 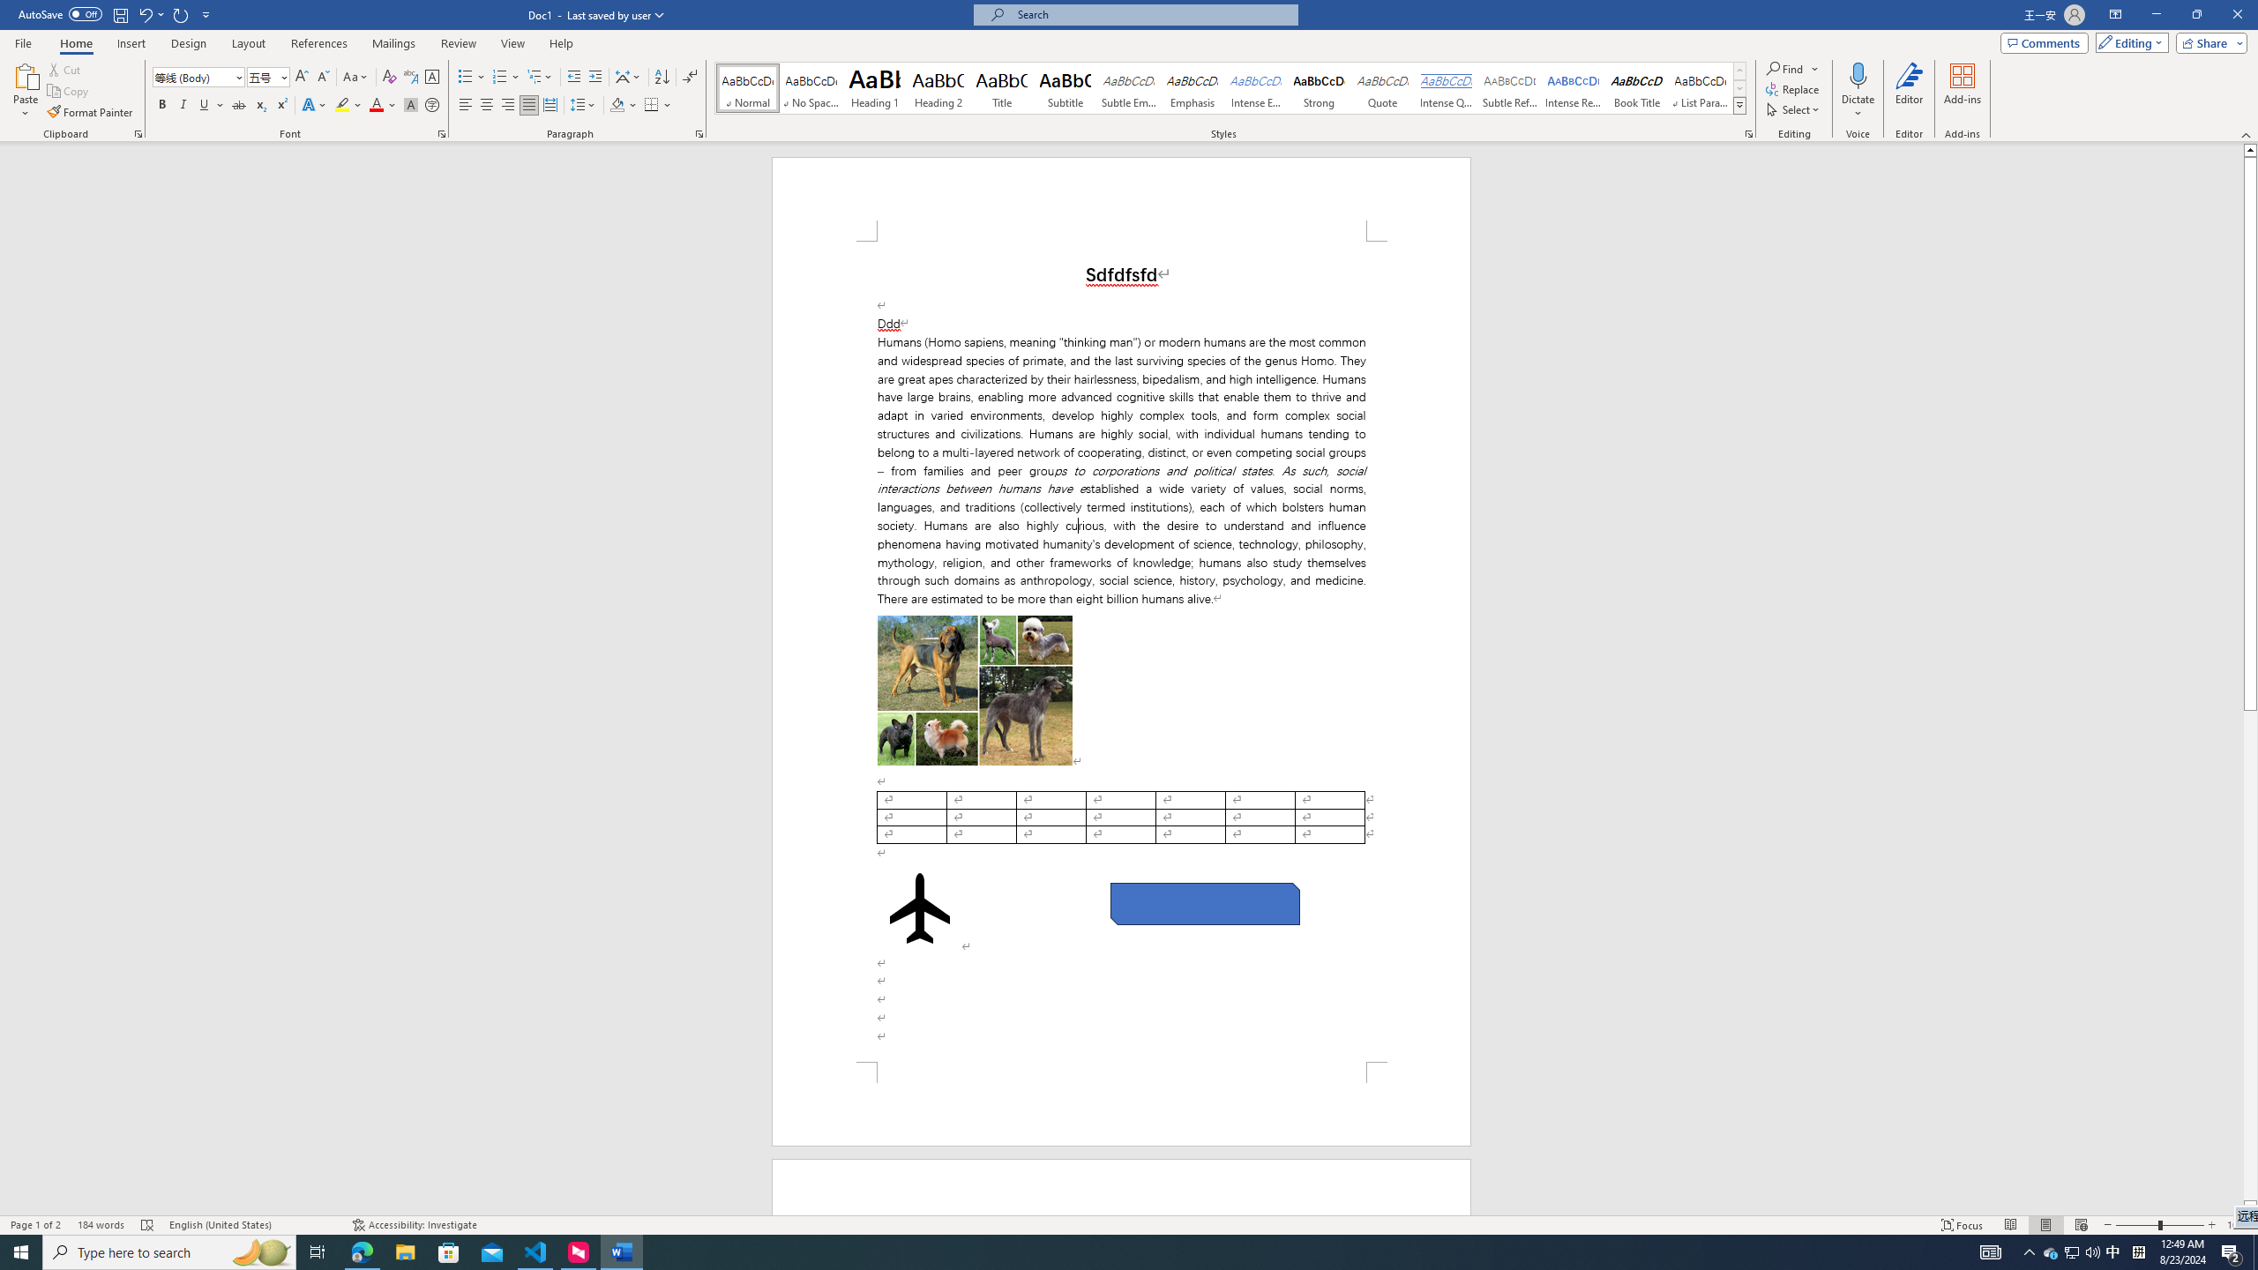 I want to click on 'AutomationID: QuickStylesGallery', so click(x=1230, y=87).